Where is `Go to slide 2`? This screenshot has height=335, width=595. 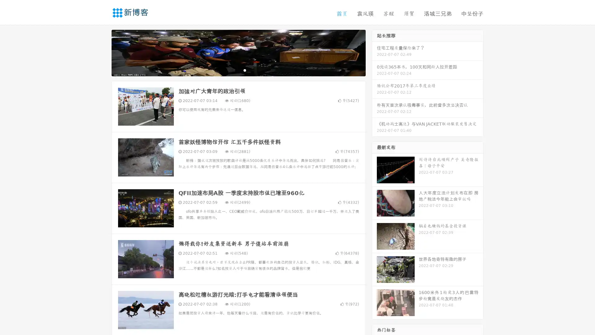
Go to slide 2 is located at coordinates (238, 70).